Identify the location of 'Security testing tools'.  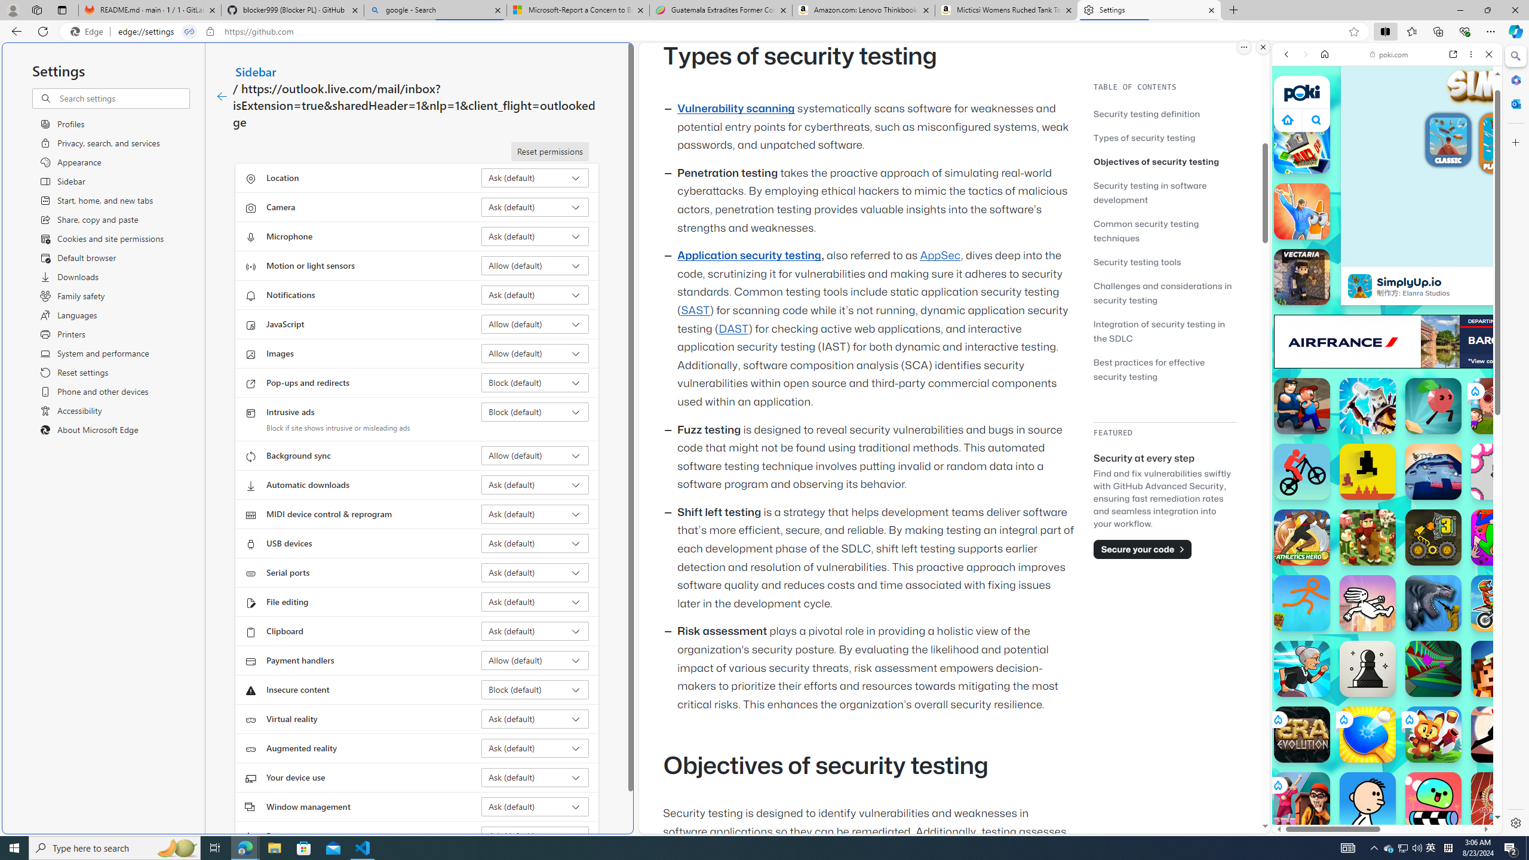
(1164, 261).